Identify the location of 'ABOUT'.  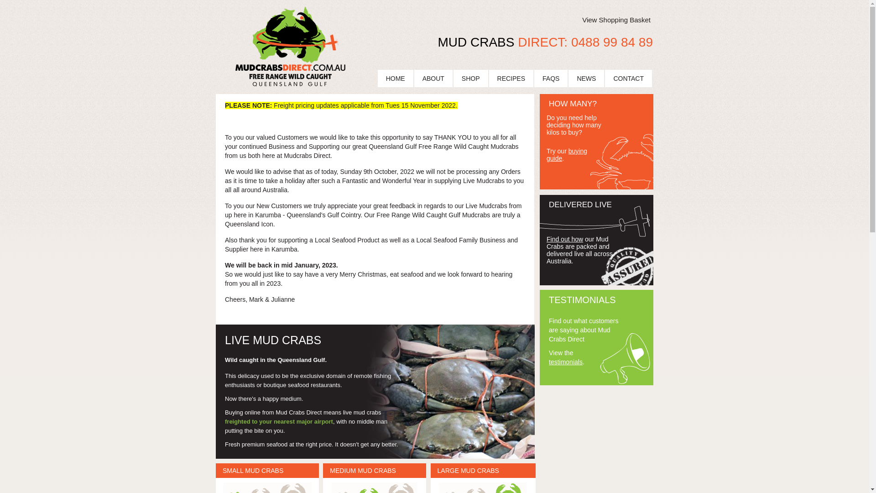
(433, 78).